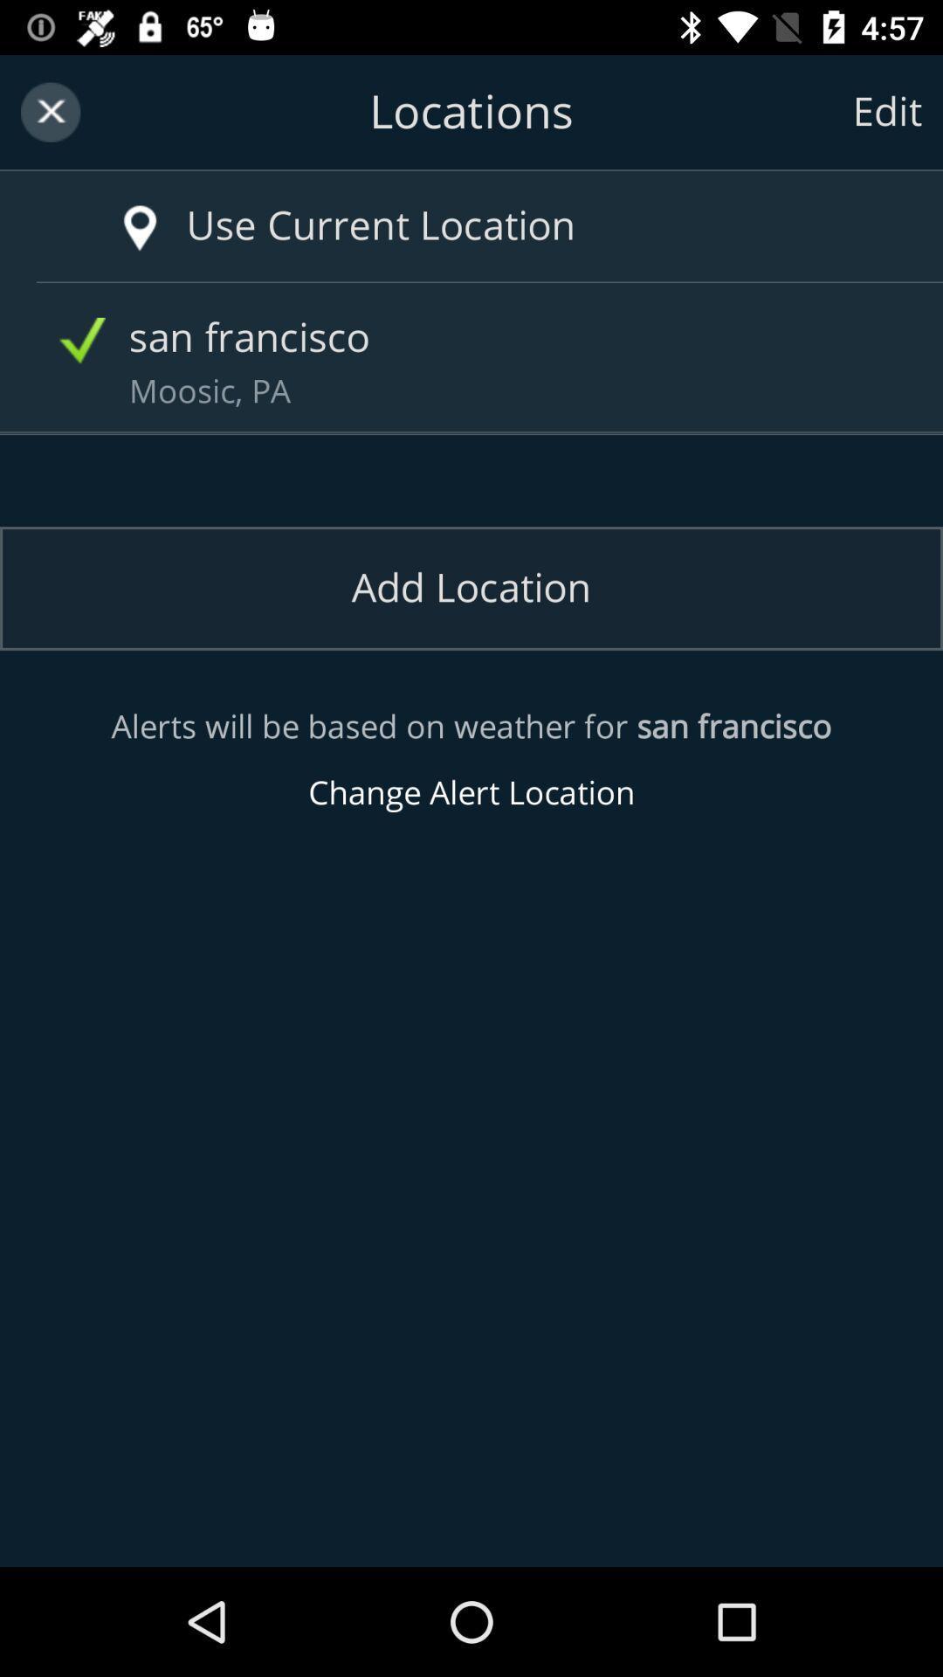 The height and width of the screenshot is (1677, 943). I want to click on app, so click(50, 111).